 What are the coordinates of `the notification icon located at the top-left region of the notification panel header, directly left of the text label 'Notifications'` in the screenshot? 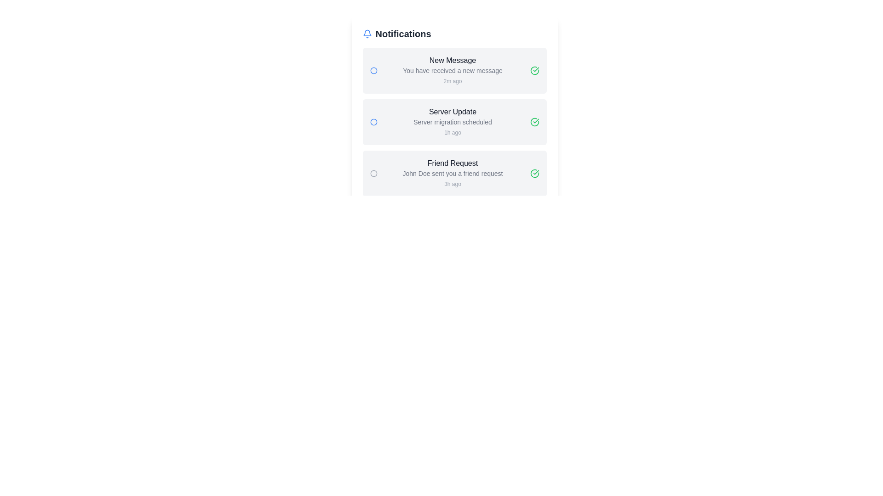 It's located at (367, 33).